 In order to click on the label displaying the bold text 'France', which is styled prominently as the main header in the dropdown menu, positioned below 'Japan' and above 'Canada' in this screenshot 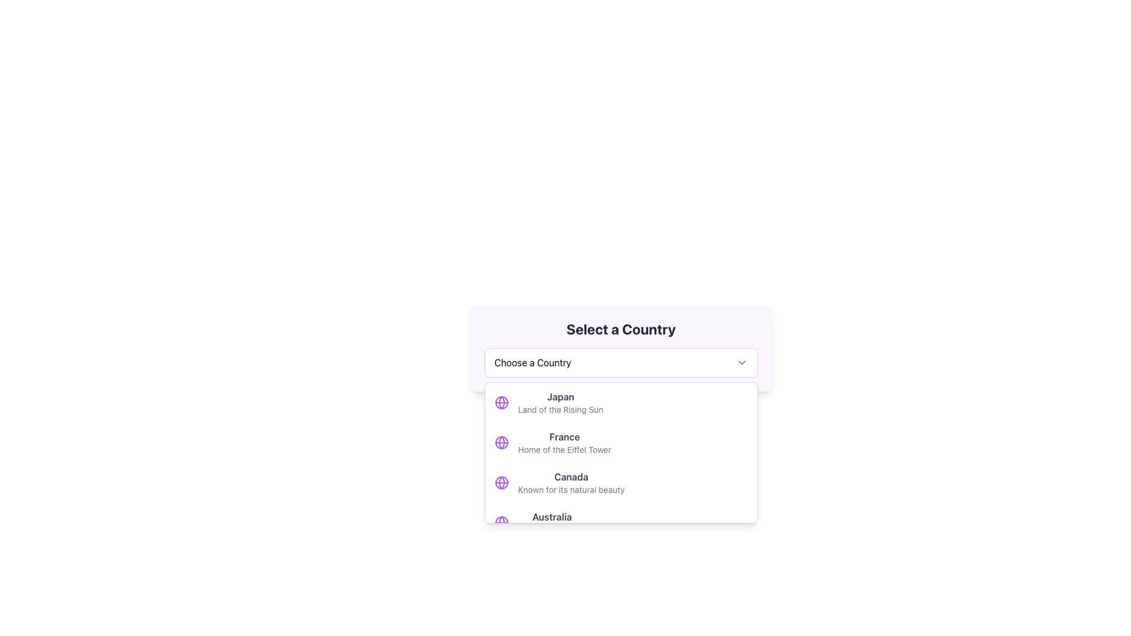, I will do `click(564, 436)`.